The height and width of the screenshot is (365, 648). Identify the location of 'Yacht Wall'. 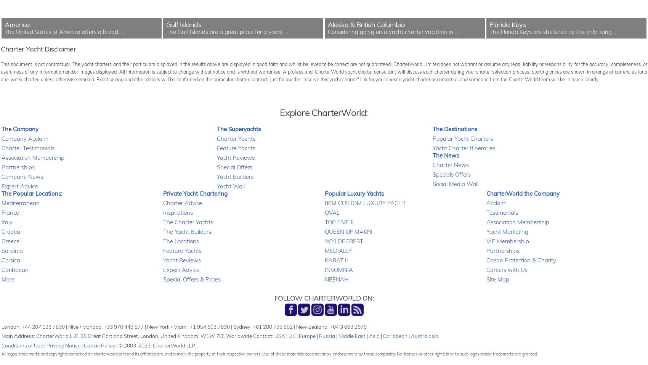
(230, 186).